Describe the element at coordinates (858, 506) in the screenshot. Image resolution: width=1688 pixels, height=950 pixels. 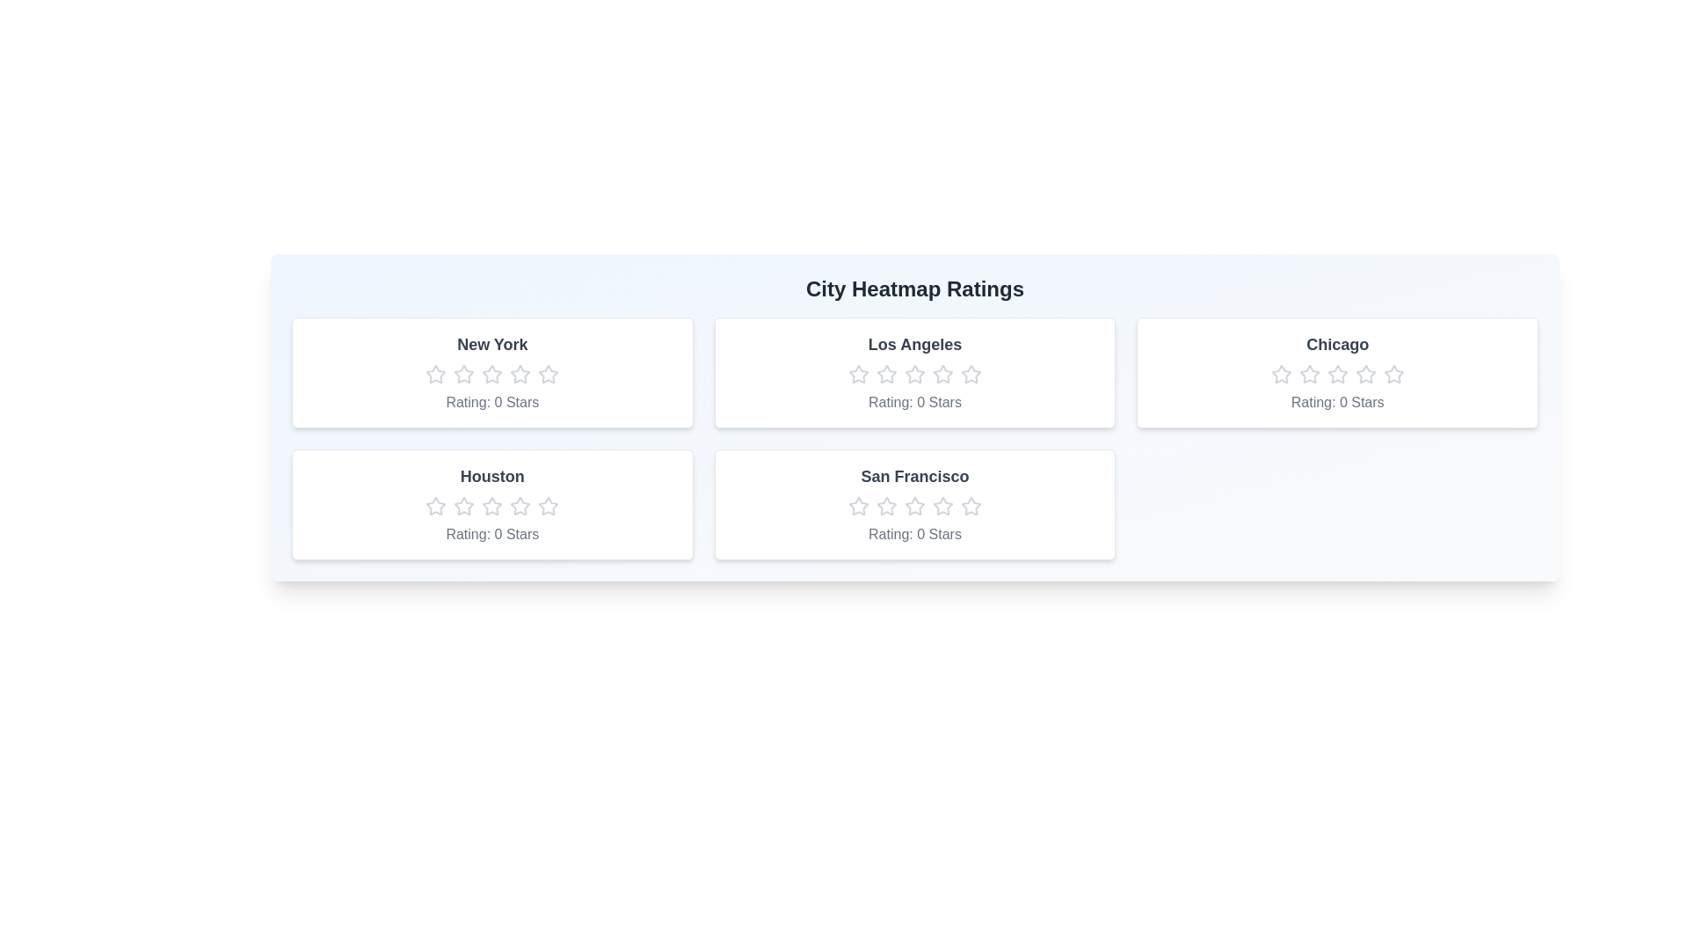
I see `the San Francisco rating star number 1` at that location.